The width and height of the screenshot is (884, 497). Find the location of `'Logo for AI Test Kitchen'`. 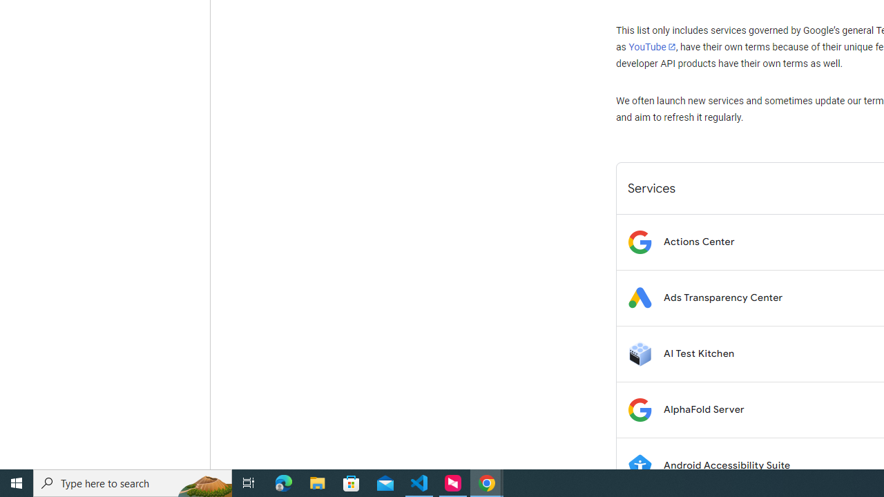

'Logo for AI Test Kitchen' is located at coordinates (639, 353).